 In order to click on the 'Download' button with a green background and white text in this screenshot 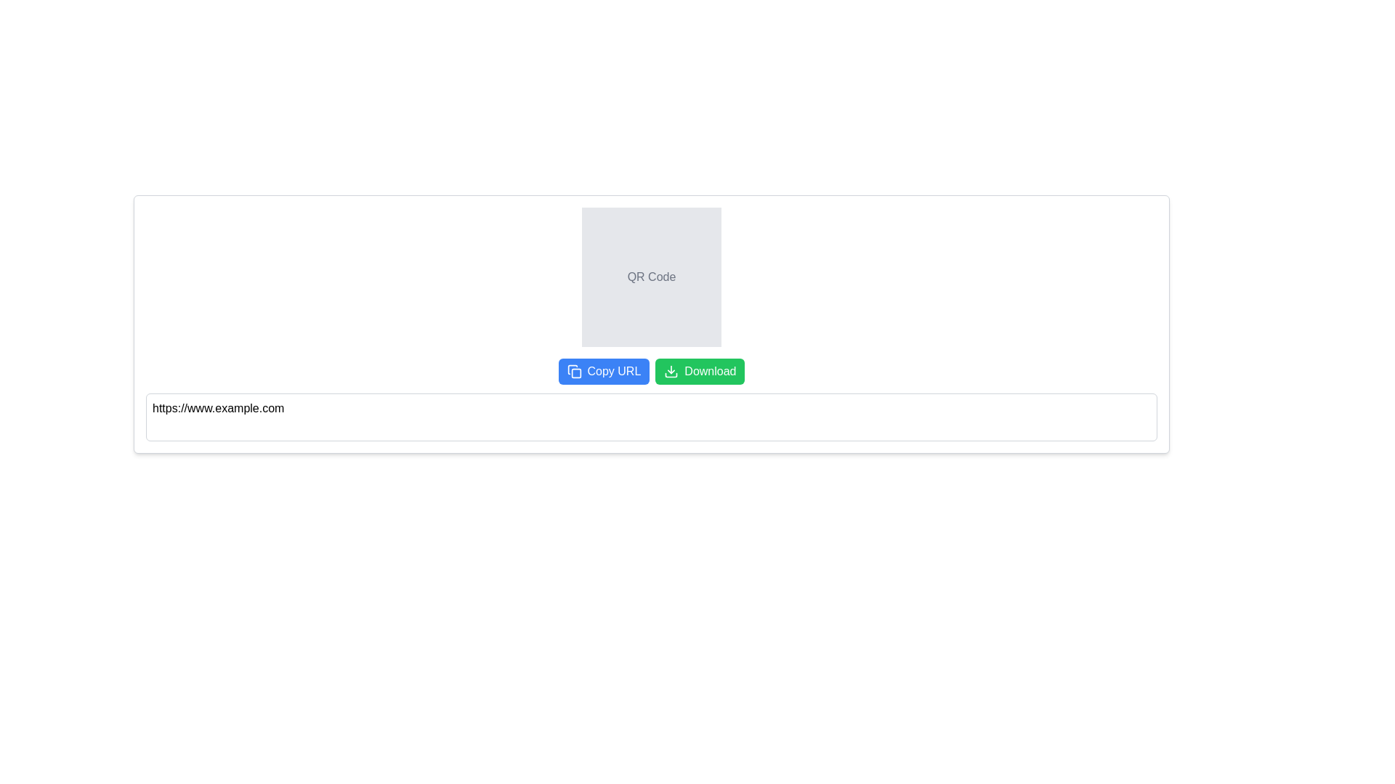, I will do `click(700, 371)`.